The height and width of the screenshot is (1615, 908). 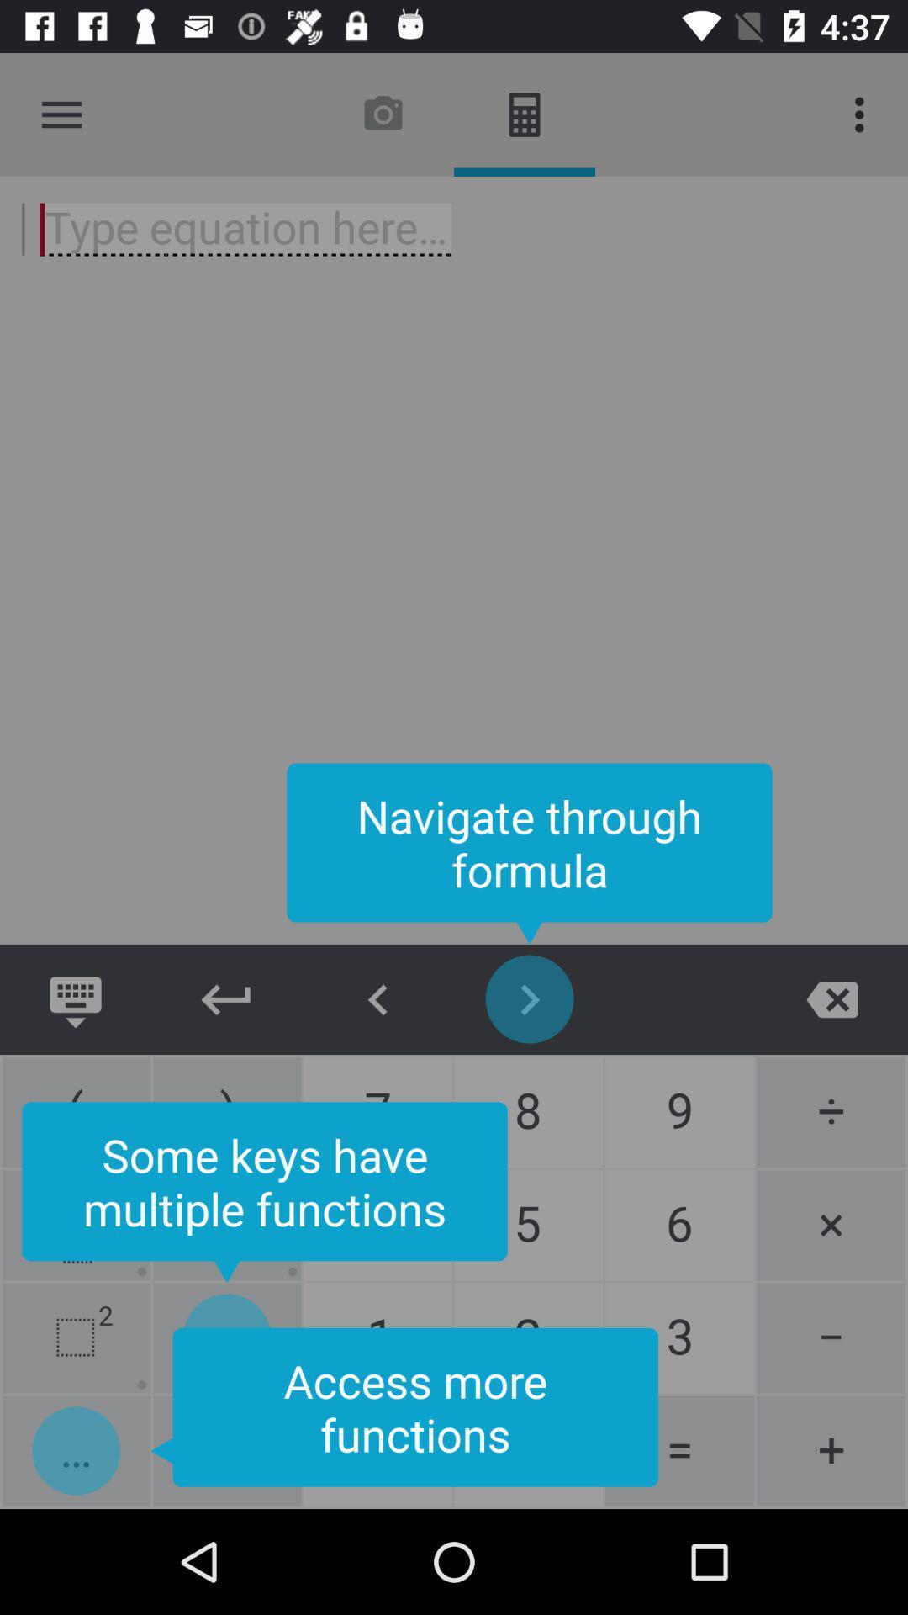 What do you see at coordinates (378, 999) in the screenshot?
I see `back` at bounding box center [378, 999].